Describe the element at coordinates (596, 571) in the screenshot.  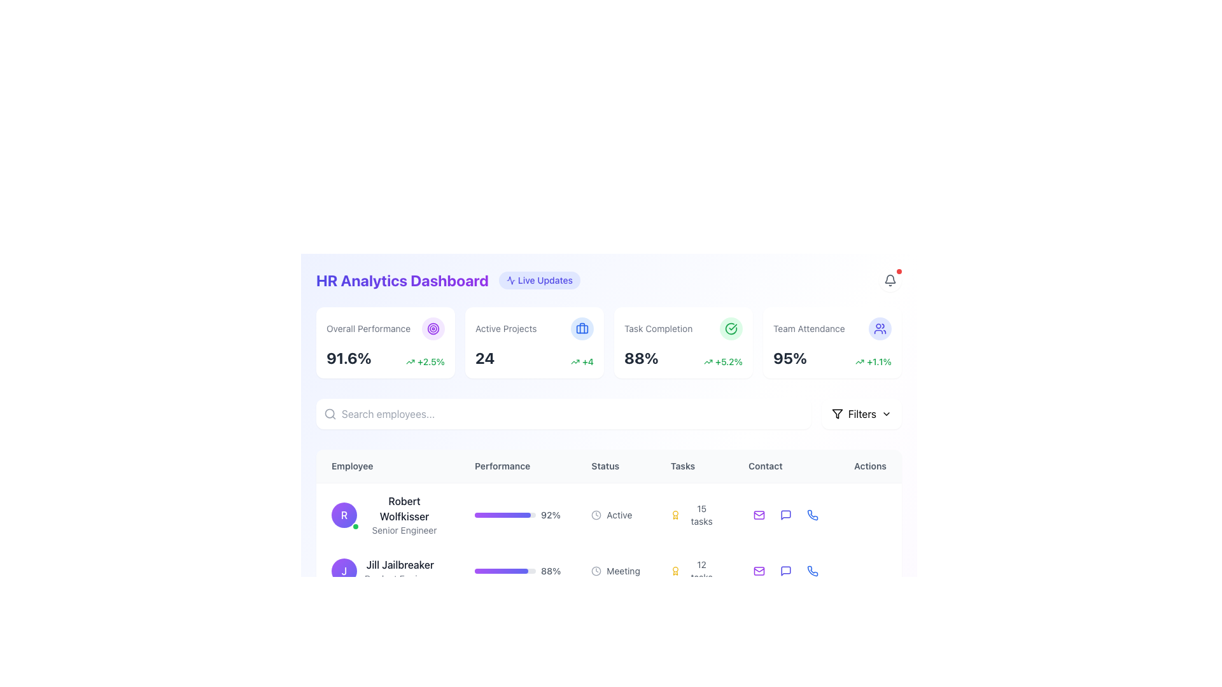
I see `the time-related status icon located before the word 'meeting'` at that location.